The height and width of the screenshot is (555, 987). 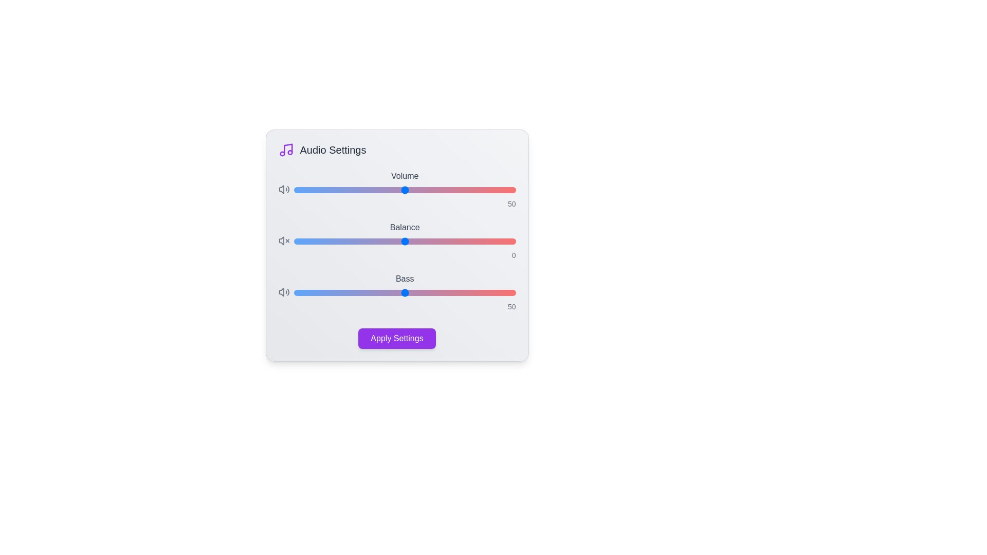 What do you see at coordinates (334, 242) in the screenshot?
I see `the 'Balance' slider to the specified value -32` at bounding box center [334, 242].